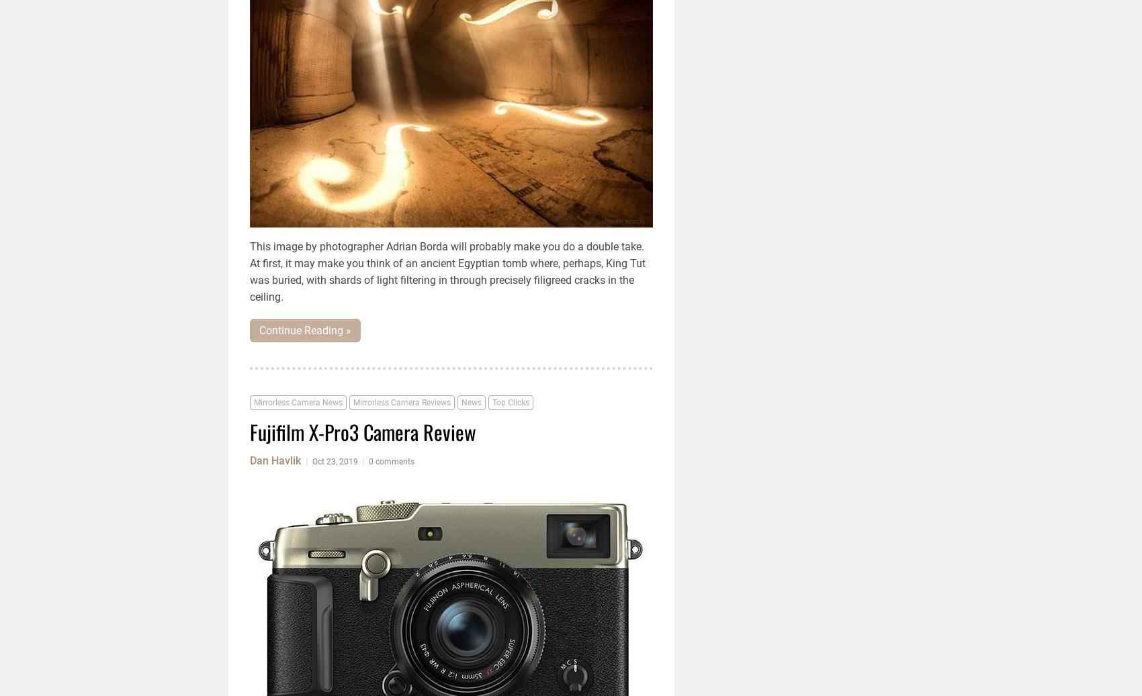  Describe the element at coordinates (305, 330) in the screenshot. I see `'Continue Reading »'` at that location.